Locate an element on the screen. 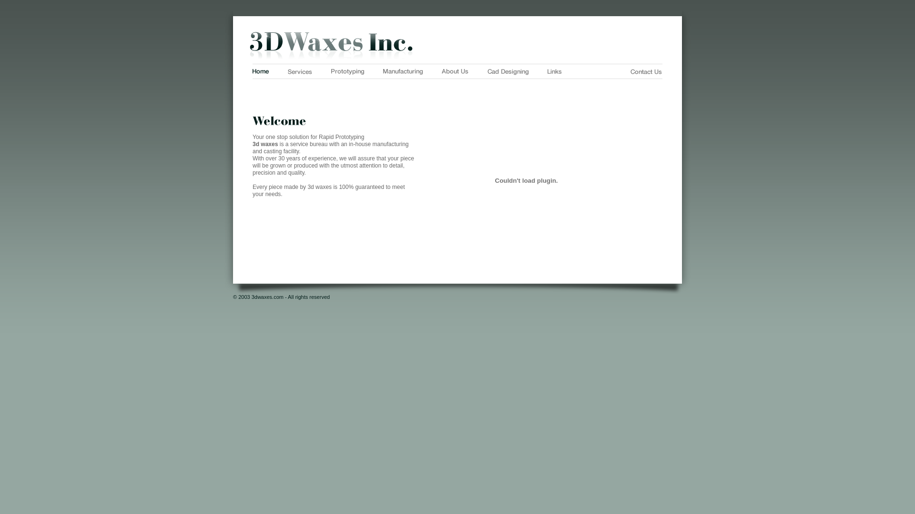 This screenshot has width=915, height=514. '3dwasex' is located at coordinates (457, 45).